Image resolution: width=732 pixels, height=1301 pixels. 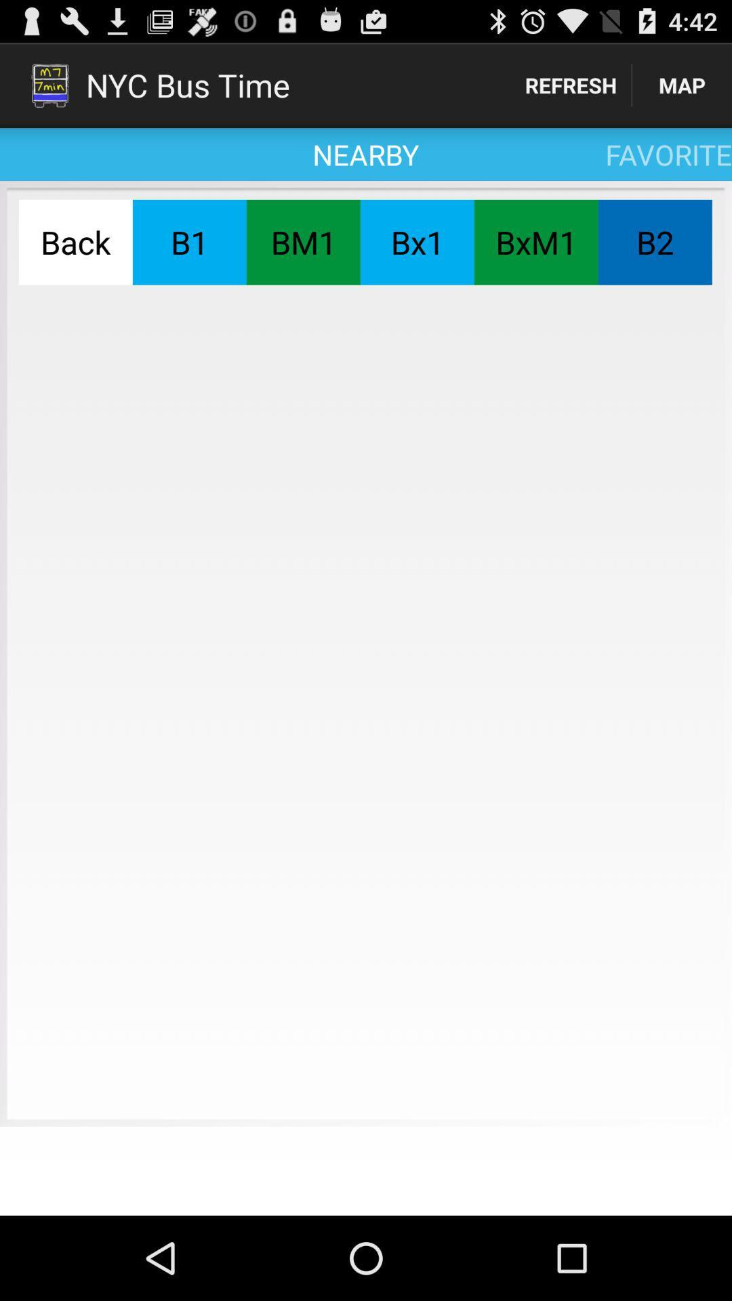 What do you see at coordinates (189, 242) in the screenshot?
I see `icon below the nyc bus time` at bounding box center [189, 242].